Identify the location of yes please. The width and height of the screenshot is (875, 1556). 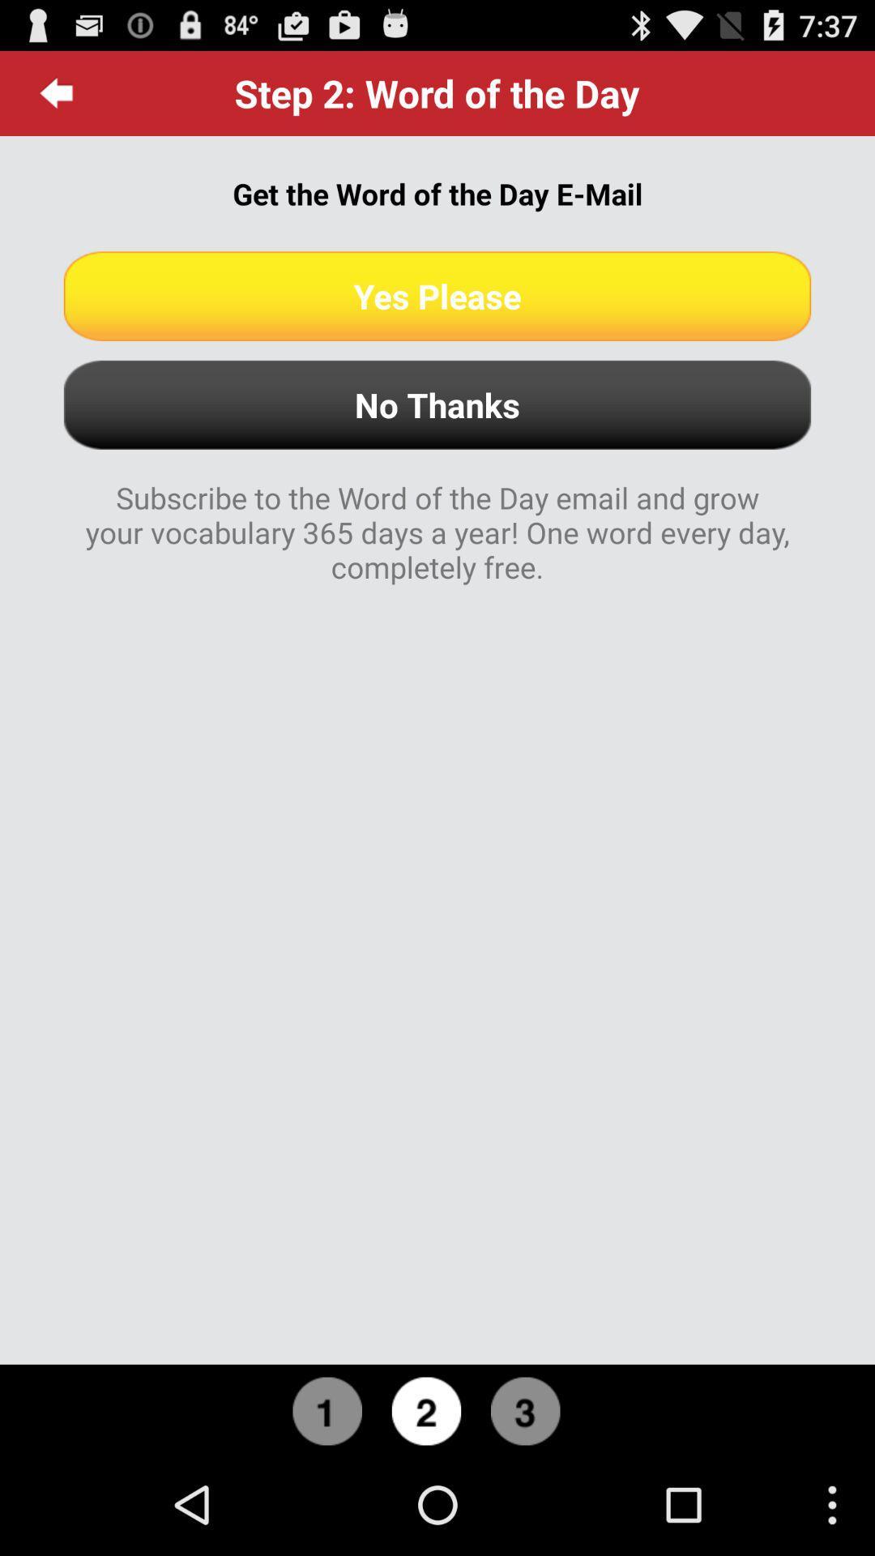
(437, 296).